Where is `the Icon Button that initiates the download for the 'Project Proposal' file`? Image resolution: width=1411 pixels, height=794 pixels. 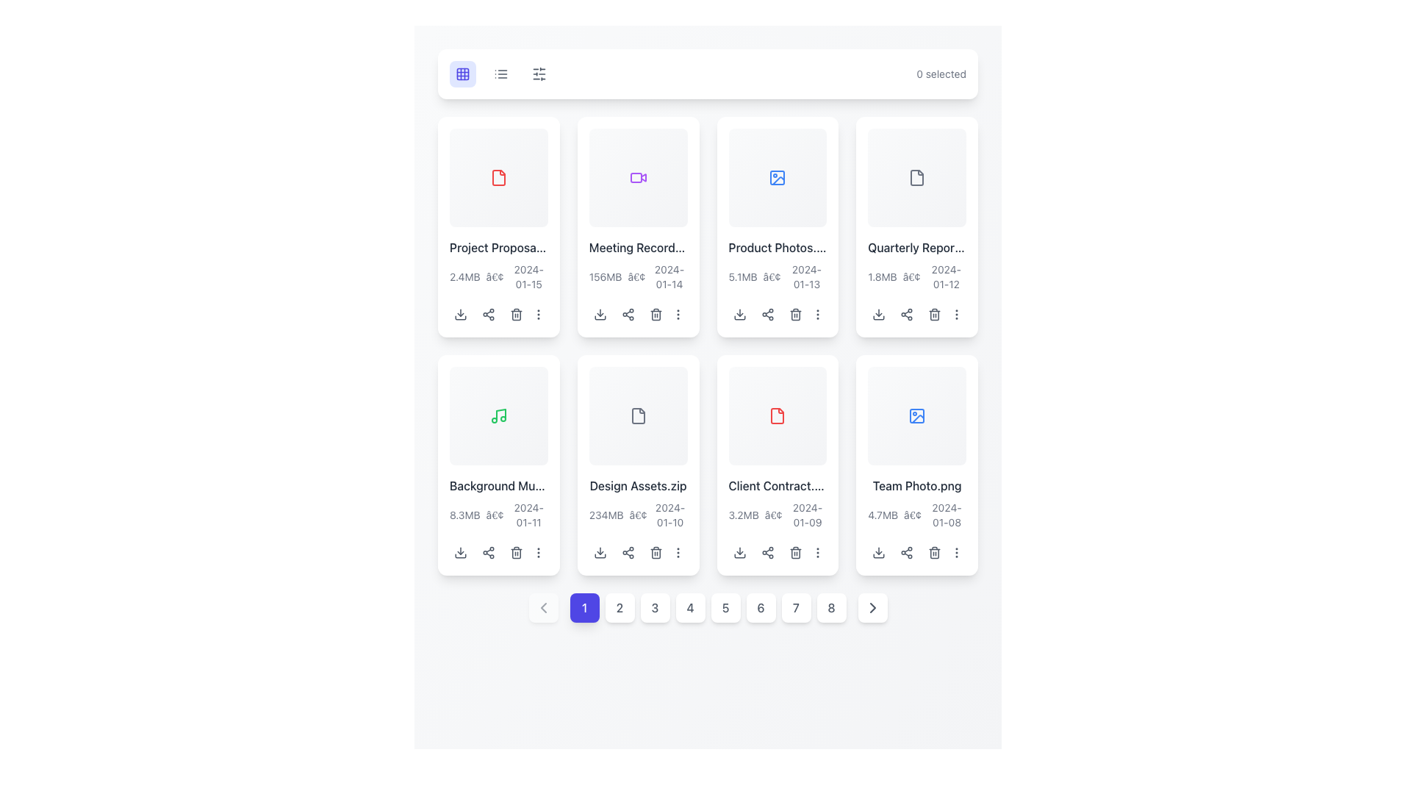 the Icon Button that initiates the download for the 'Project Proposal' file is located at coordinates (460, 313).